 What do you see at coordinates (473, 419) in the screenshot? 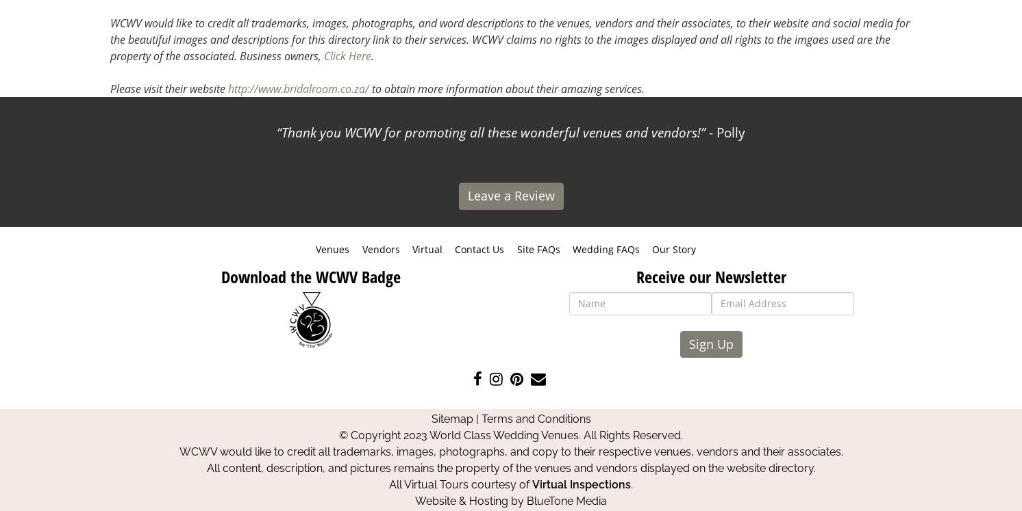
I see `'|'` at bounding box center [473, 419].